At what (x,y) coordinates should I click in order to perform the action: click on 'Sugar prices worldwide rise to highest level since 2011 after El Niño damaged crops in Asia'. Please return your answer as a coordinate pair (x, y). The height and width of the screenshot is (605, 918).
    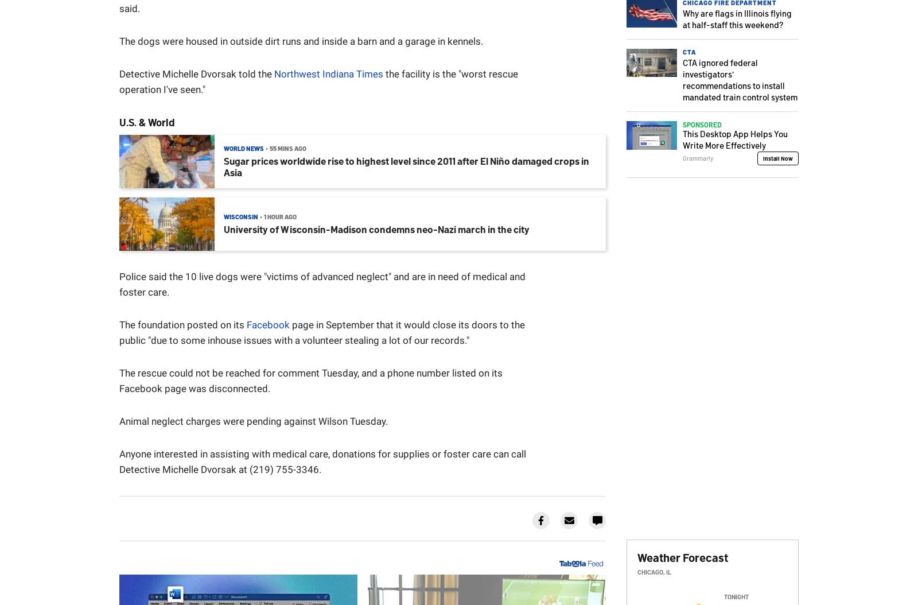
    Looking at the image, I should click on (406, 165).